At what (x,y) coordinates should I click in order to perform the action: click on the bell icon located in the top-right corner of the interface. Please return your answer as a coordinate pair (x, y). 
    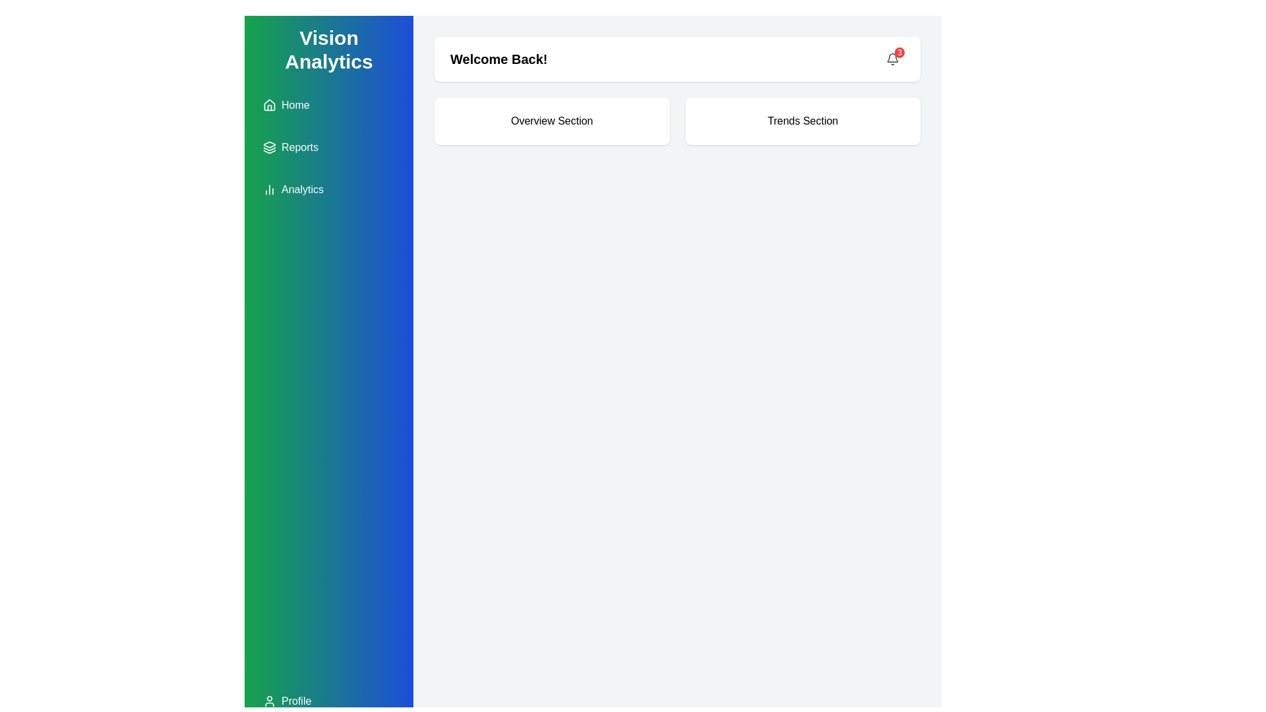
    Looking at the image, I should click on (892, 58).